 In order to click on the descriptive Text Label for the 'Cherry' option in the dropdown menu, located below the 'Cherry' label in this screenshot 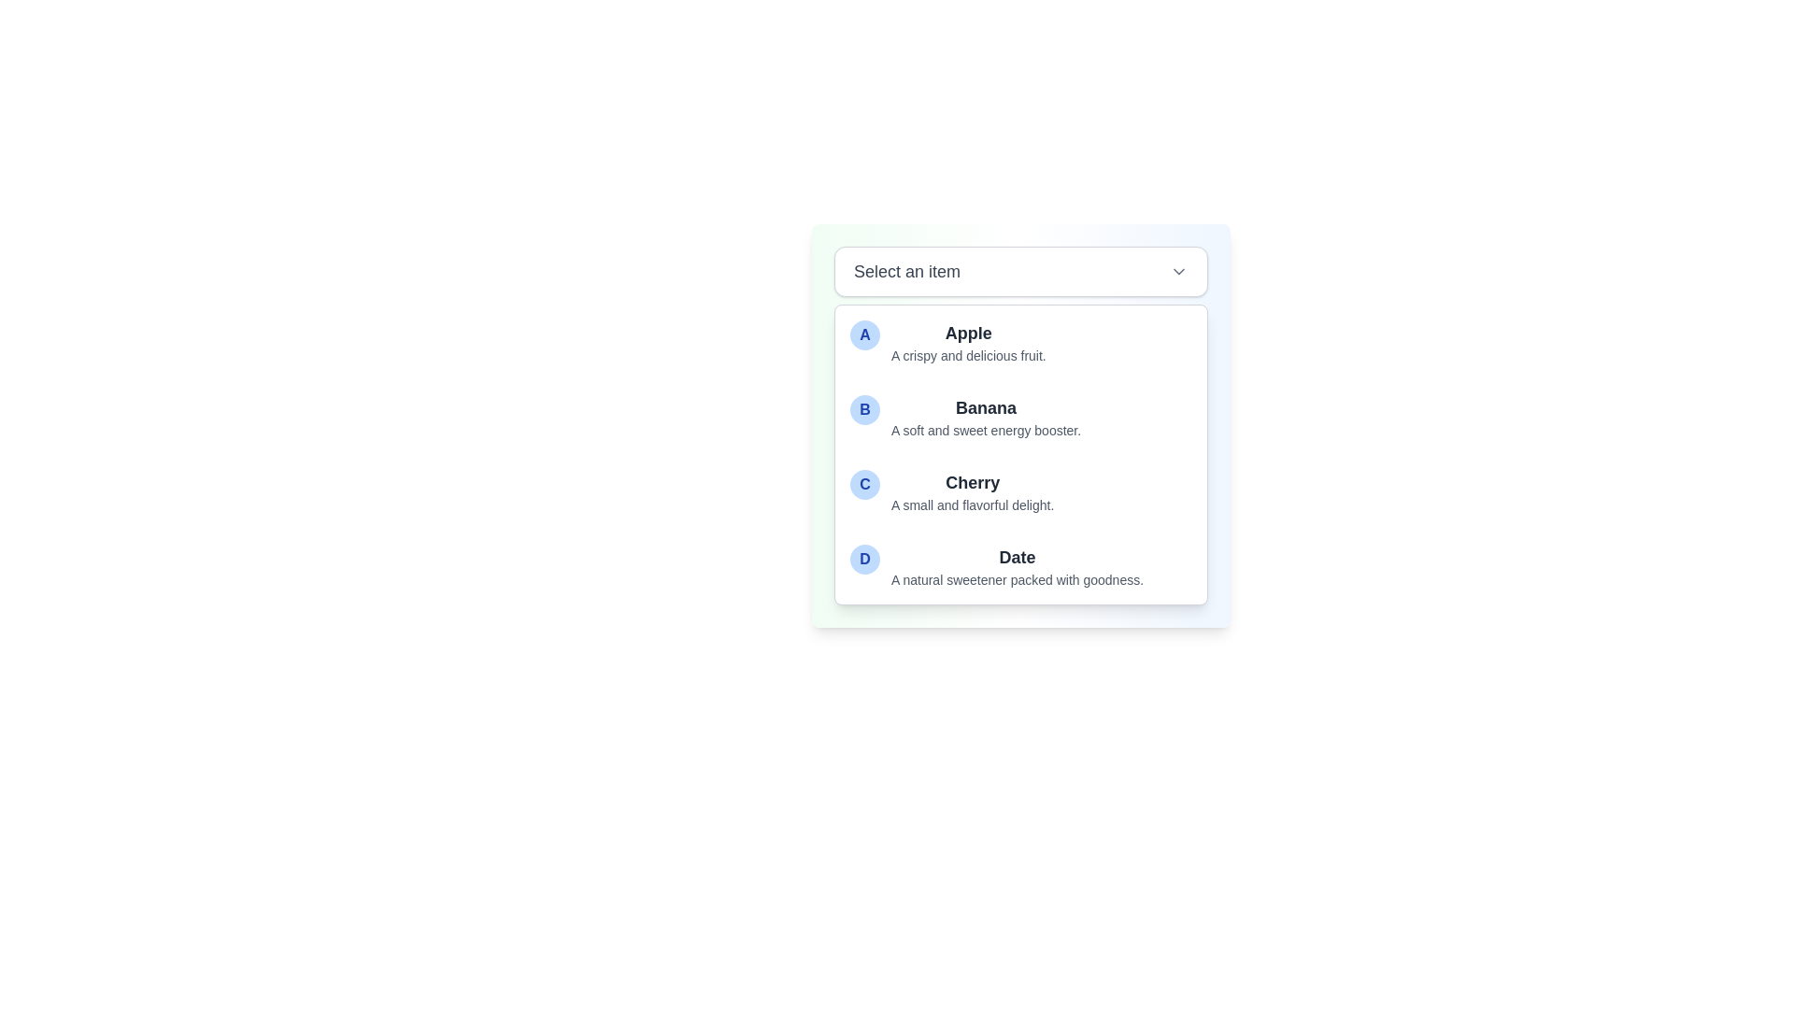, I will do `click(972, 504)`.